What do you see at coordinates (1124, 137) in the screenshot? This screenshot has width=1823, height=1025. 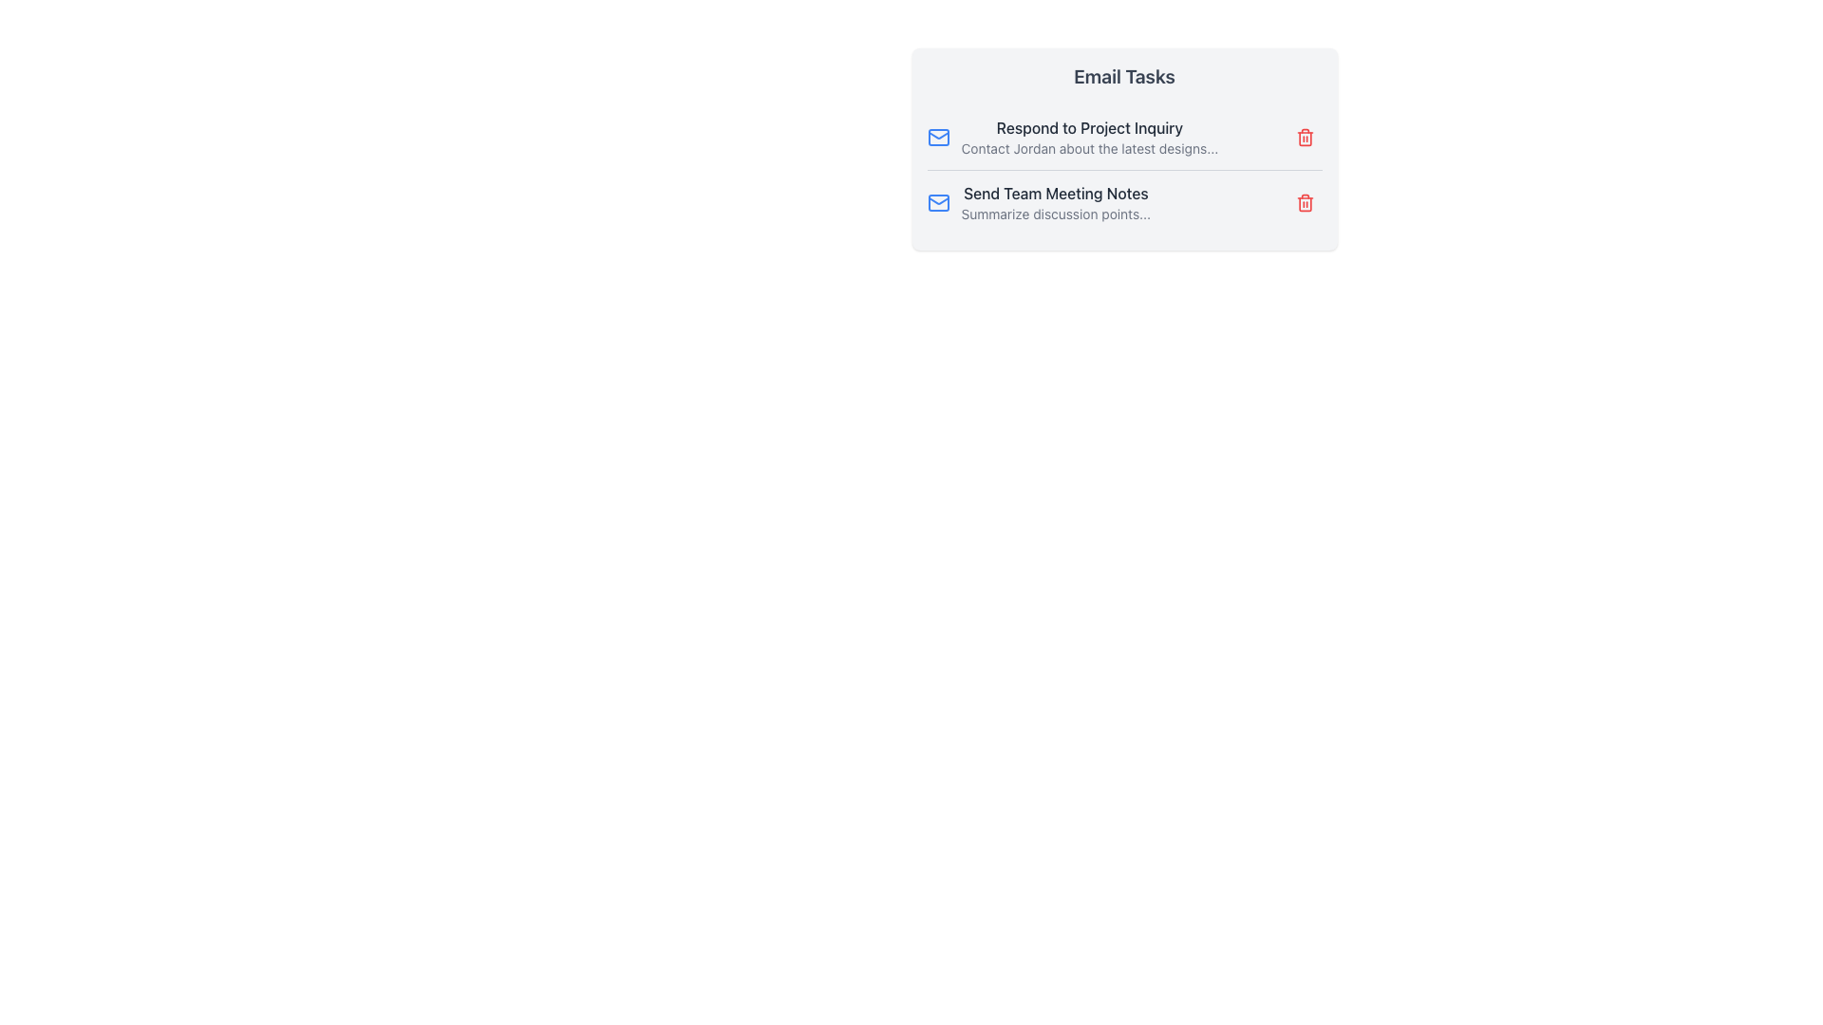 I see `the task item titled 'Respond to Project Inquiry'` at bounding box center [1124, 137].